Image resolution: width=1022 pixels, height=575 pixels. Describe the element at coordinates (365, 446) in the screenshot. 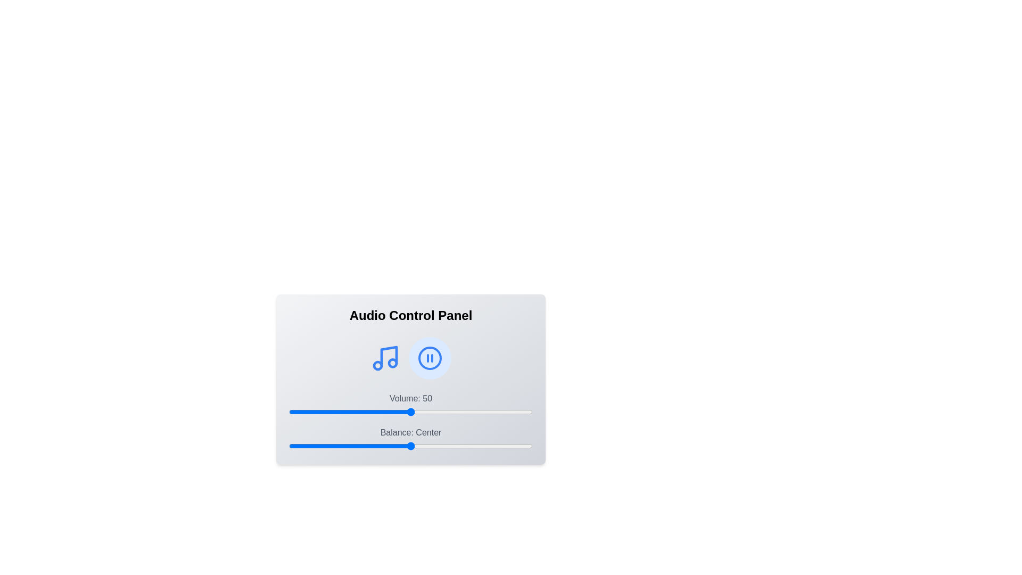

I see `the balance` at that location.